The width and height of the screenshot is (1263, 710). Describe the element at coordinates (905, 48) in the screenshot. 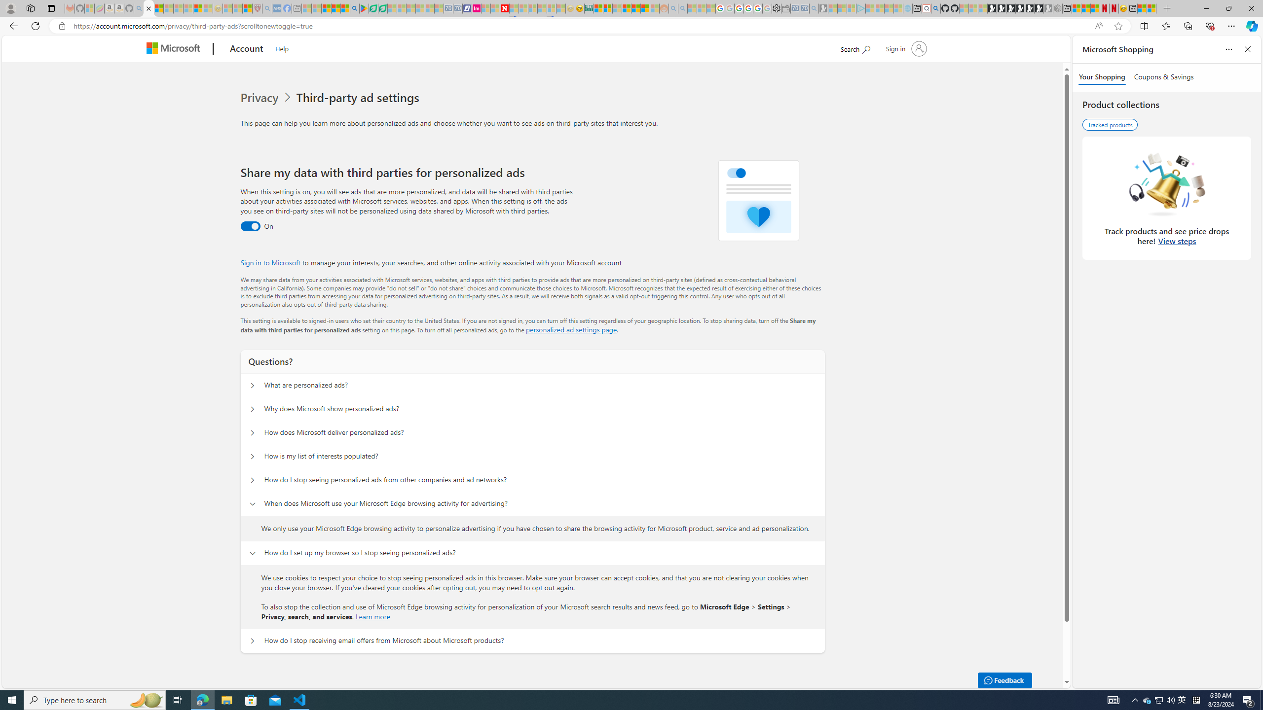

I see `'Sign in to your account'` at that location.